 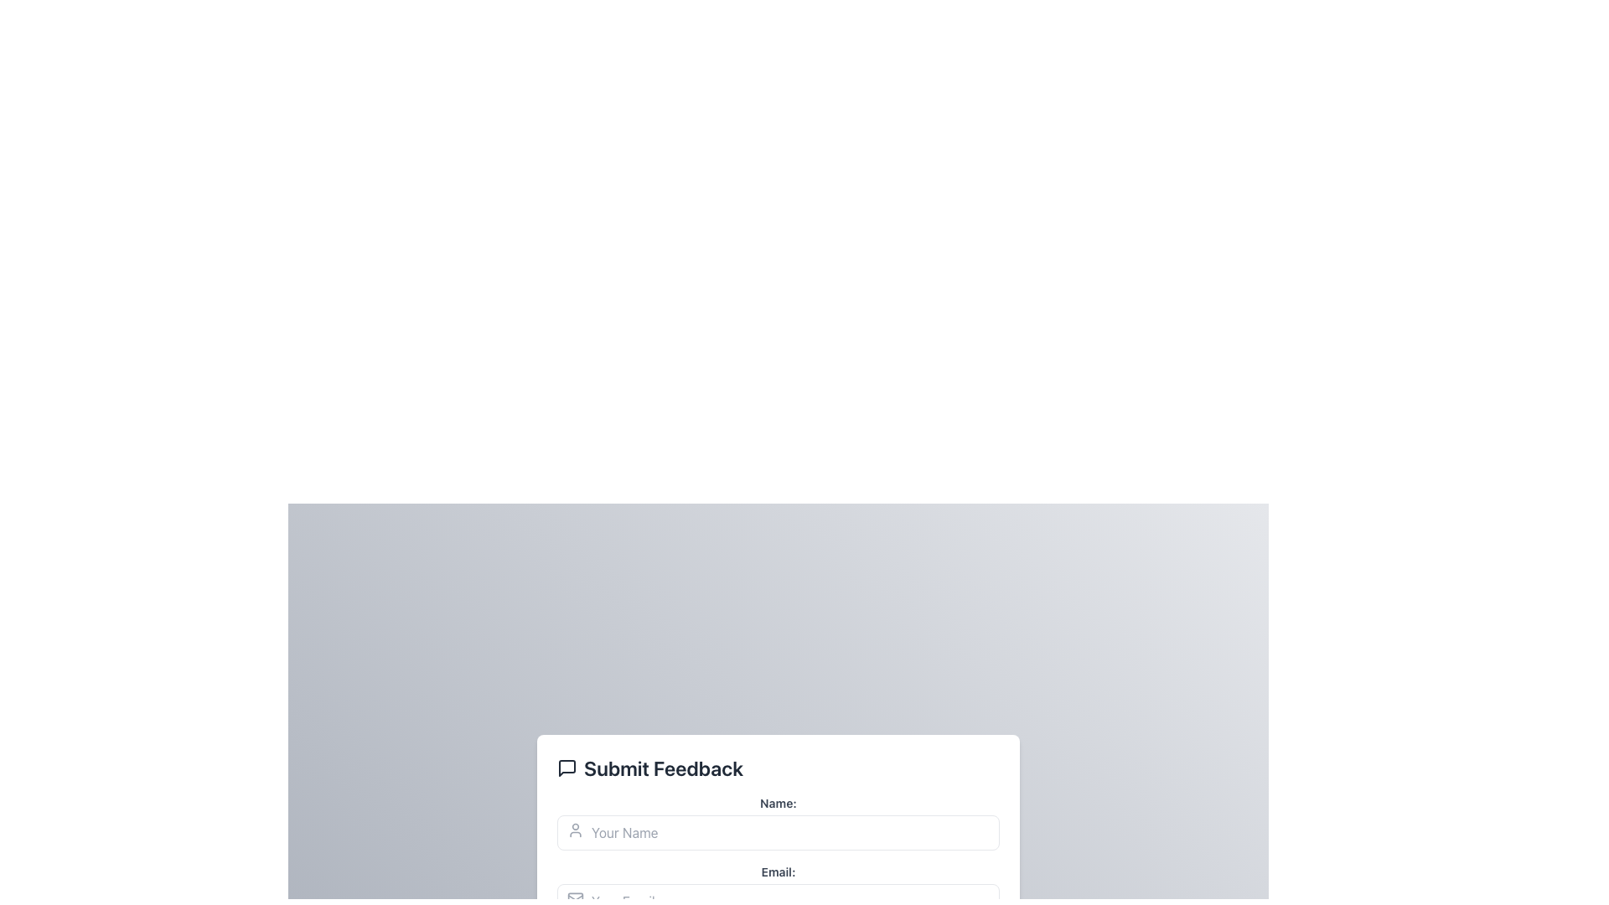 I want to click on the icon that indicates the 'Name' input field, positioned above and to the left of the input field labeled 'Name:', so click(x=575, y=830).